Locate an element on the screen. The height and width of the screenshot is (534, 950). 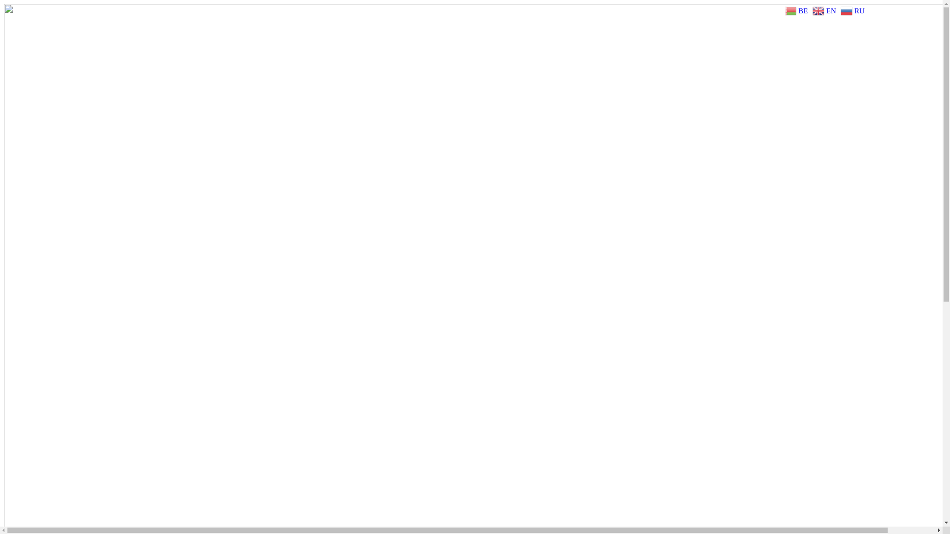
'BE' is located at coordinates (784, 10).